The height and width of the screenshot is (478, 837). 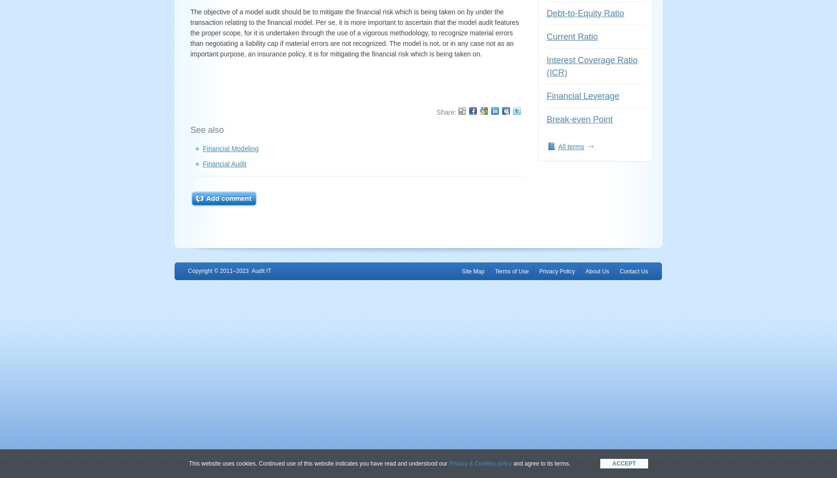 I want to click on 'Current Ratio', so click(x=572, y=36).